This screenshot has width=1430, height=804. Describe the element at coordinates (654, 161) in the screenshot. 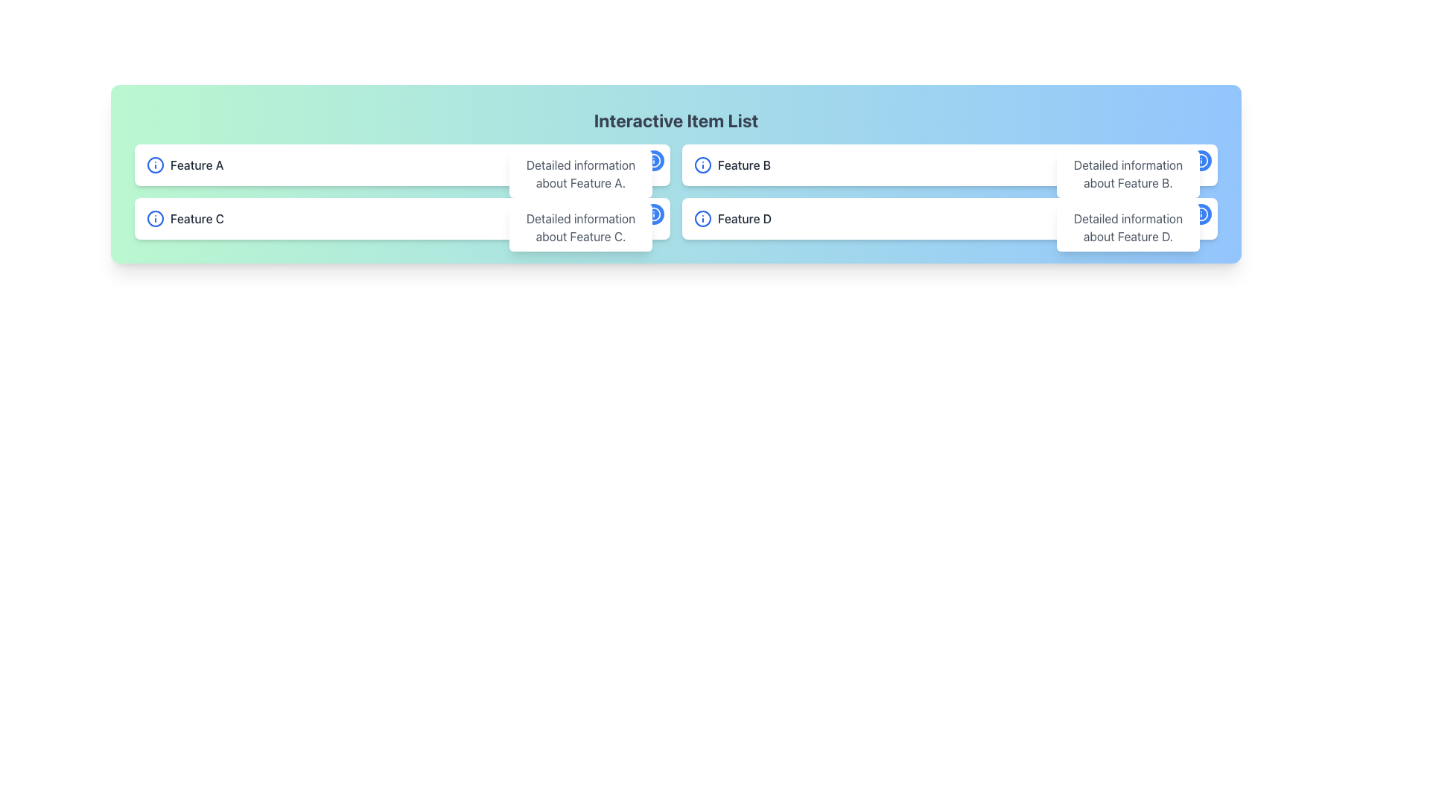

I see `the circular button with a blue background and an 'i' icon in white, located in the top-right corner of the card containing 'Feature A'` at that location.